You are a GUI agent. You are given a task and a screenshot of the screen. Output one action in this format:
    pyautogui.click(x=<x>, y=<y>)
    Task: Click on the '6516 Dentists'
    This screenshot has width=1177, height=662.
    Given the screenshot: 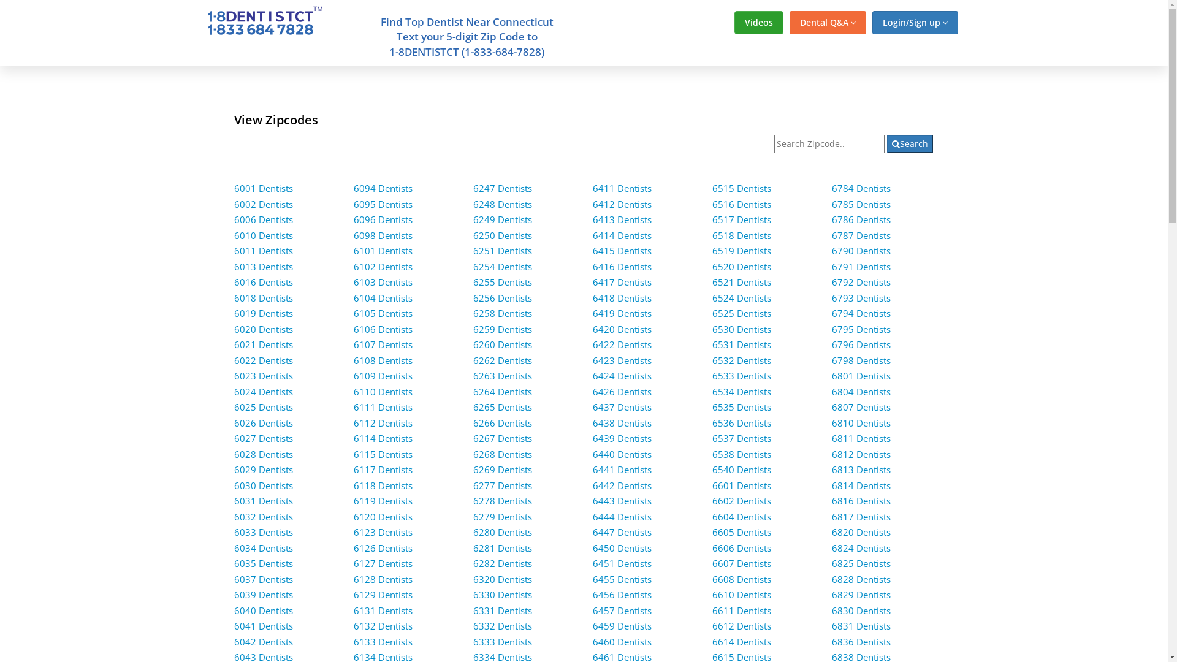 What is the action you would take?
    pyautogui.click(x=741, y=203)
    